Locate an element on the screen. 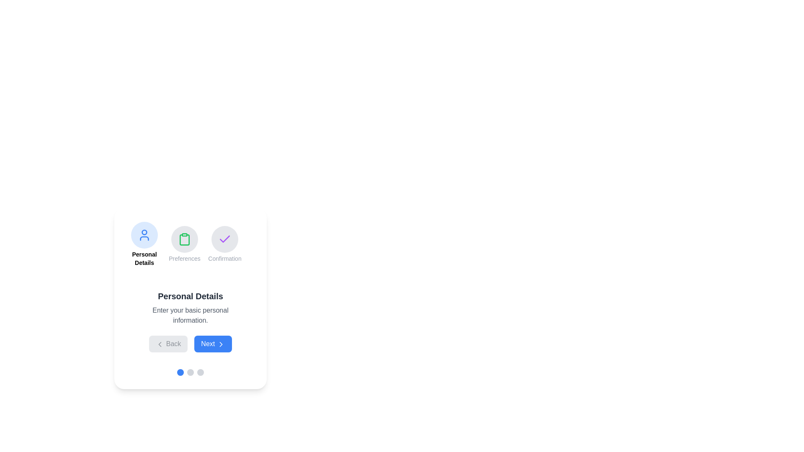  the 'Confirmation' label, which provides context for the checkmark icon above it, to engage with adjacent components is located at coordinates (225, 258).